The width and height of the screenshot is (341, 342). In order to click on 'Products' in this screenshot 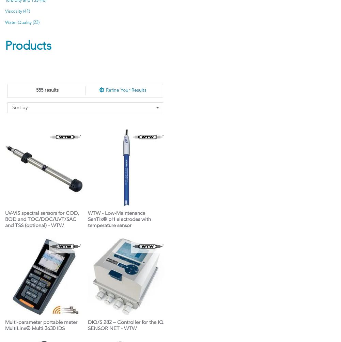, I will do `click(28, 46)`.